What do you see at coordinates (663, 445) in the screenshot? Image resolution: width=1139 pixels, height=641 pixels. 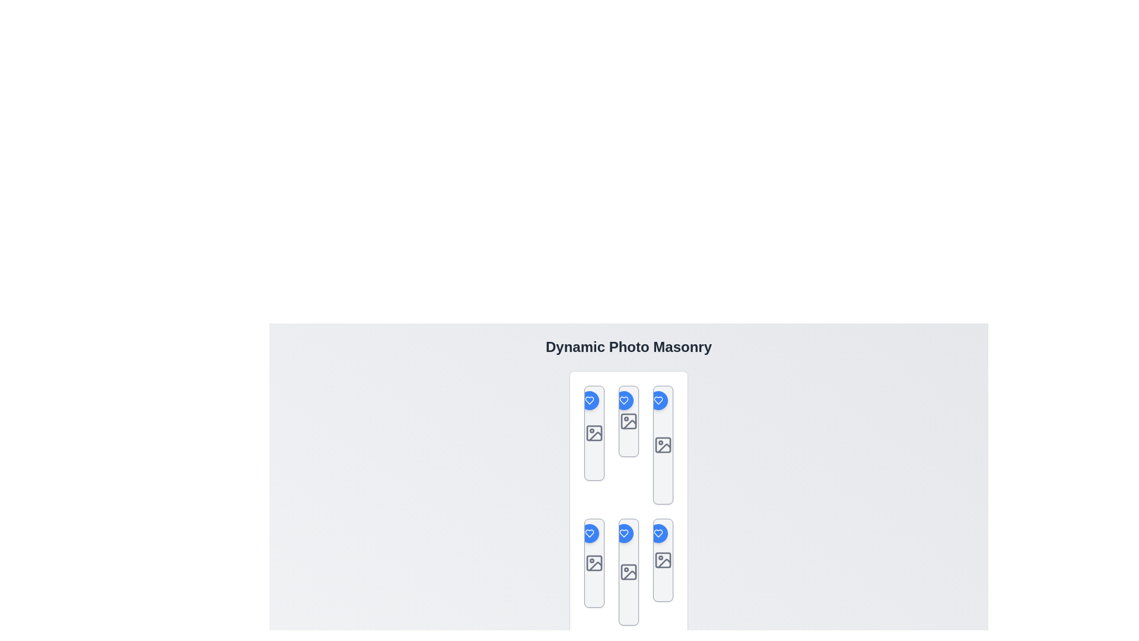 I see `the image placeholder icon located in the second row of the third column of a vertically-arranged grid` at bounding box center [663, 445].